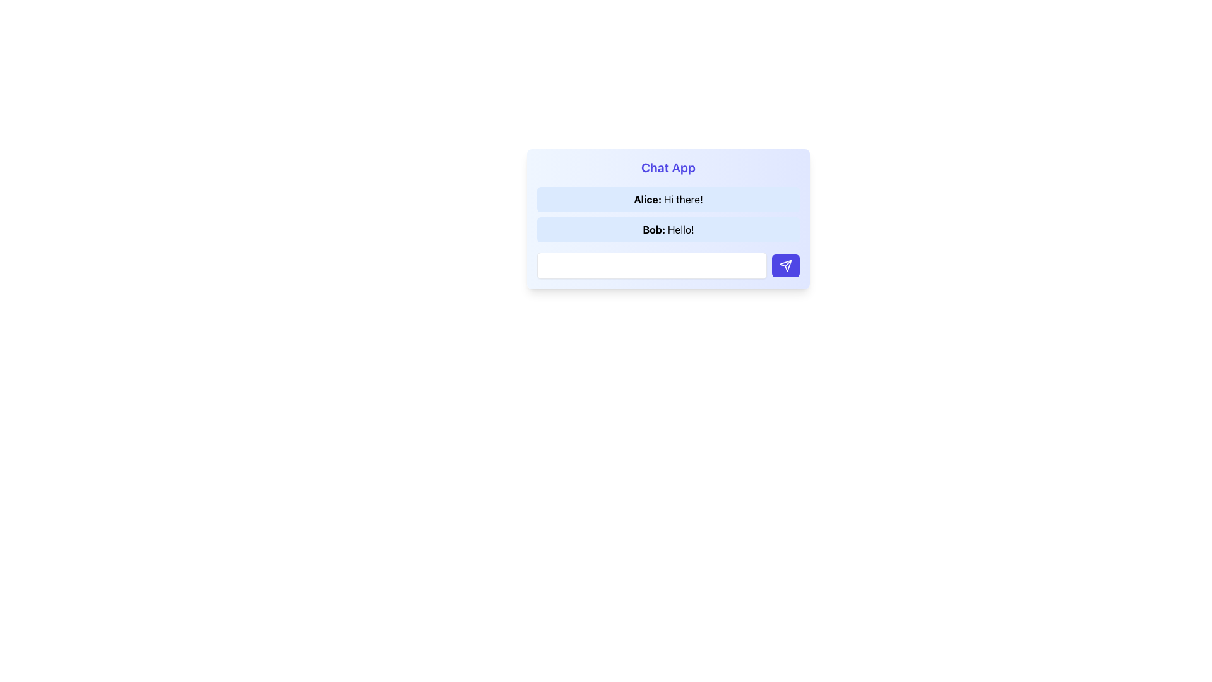 The width and height of the screenshot is (1212, 682). What do you see at coordinates (668, 229) in the screenshot?
I see `the chat bubble displaying a message from the user 'Bob'` at bounding box center [668, 229].